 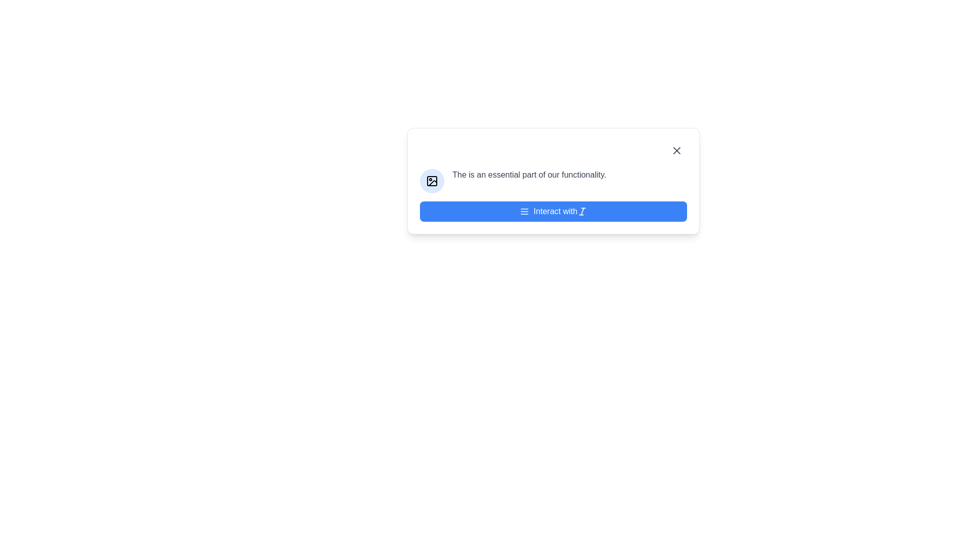 What do you see at coordinates (582, 211) in the screenshot?
I see `the italic 'I' icon, which is located to the right of the blue 'Interact with' button and has a compact size of 20x20 pixels` at bounding box center [582, 211].